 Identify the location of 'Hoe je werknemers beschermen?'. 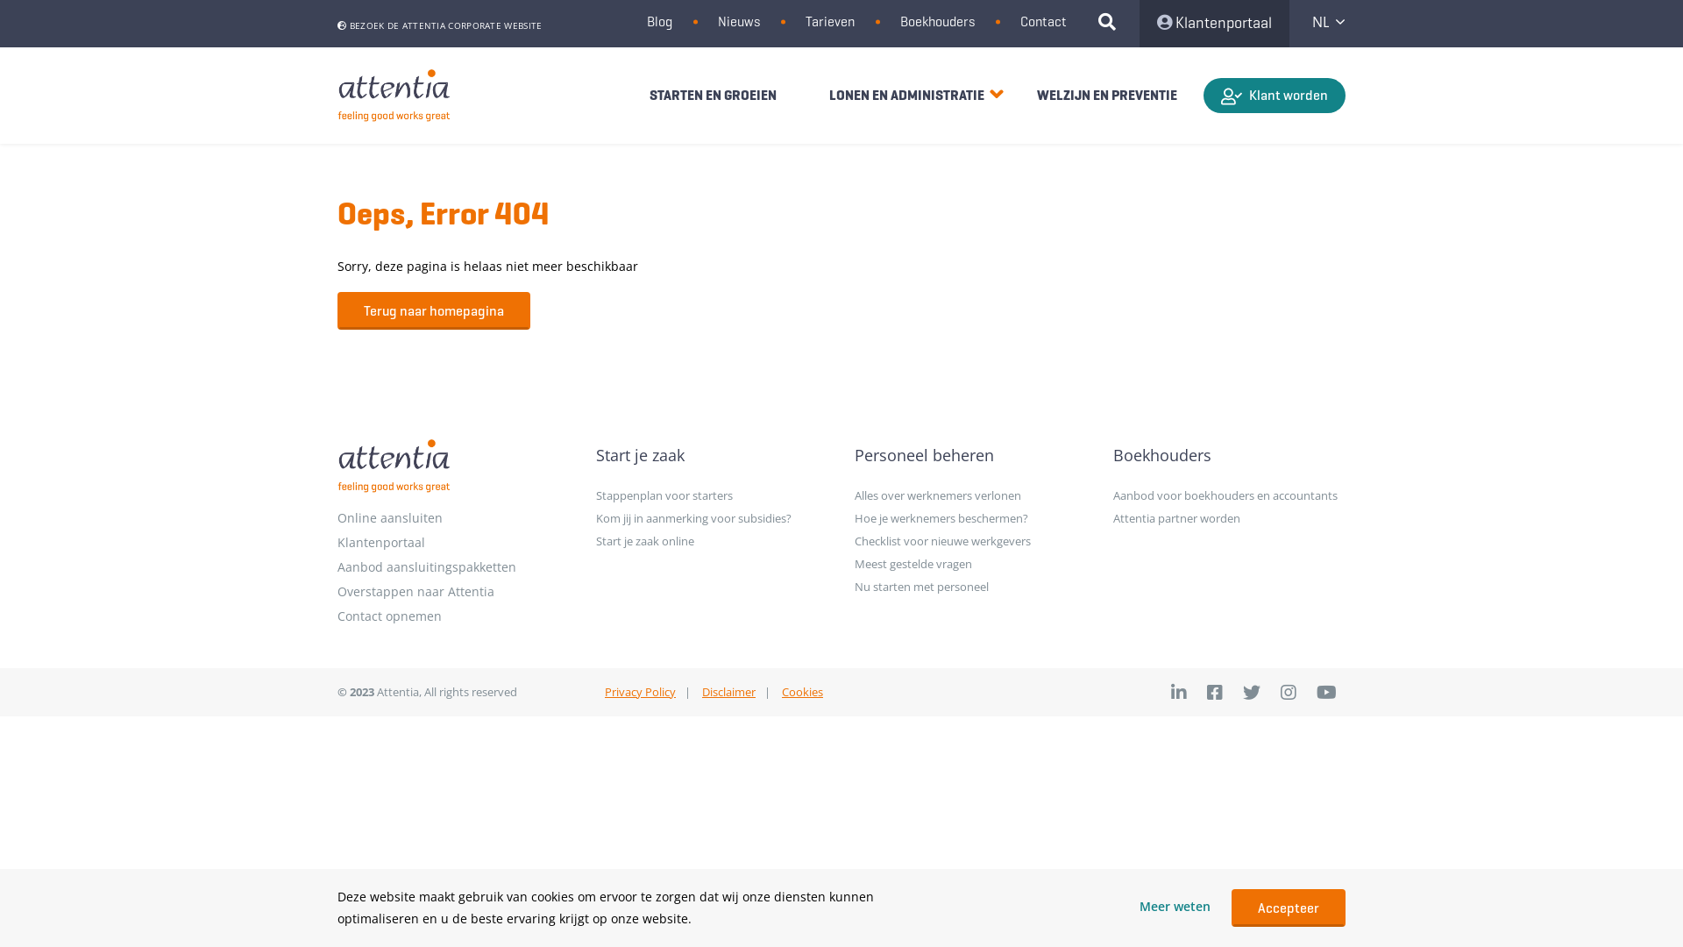
(969, 516).